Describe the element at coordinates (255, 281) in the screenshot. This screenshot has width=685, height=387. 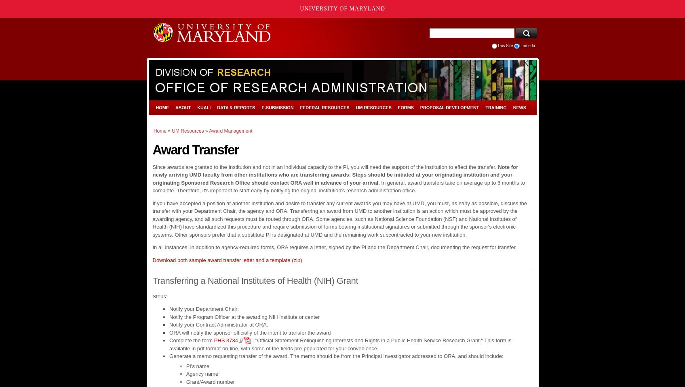
I see `'Transferring a National Institutes of Health (NIH) Grant'` at that location.